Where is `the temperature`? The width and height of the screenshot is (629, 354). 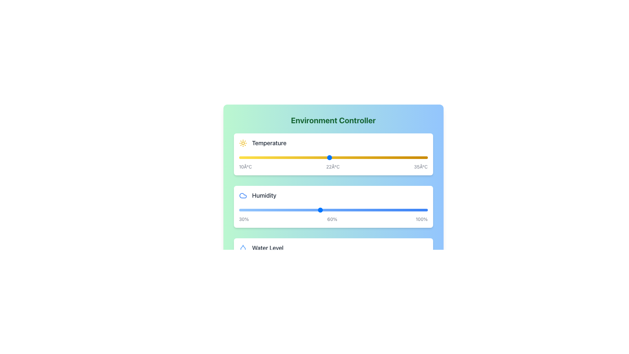 the temperature is located at coordinates (329, 158).